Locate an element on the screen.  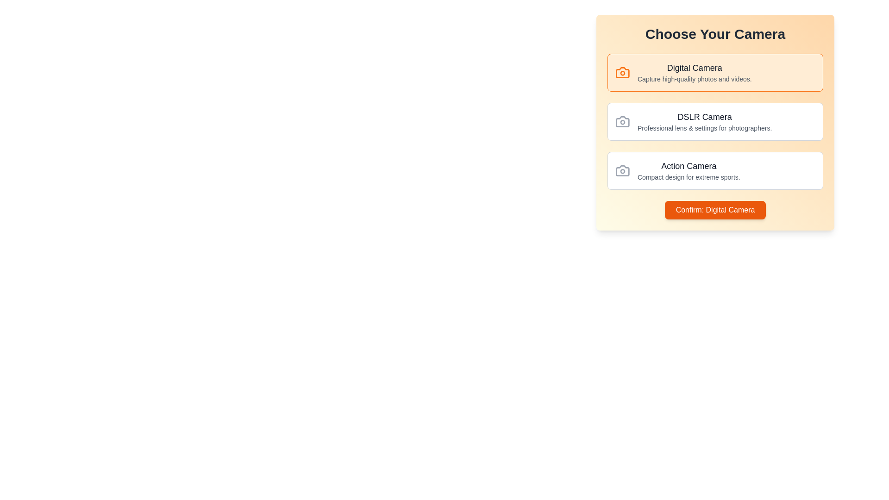
text displayed in the 'Digital Camera' option within the 'Choose Your Camera' panel, which is the first item in a vertical list of camera options is located at coordinates (695, 72).